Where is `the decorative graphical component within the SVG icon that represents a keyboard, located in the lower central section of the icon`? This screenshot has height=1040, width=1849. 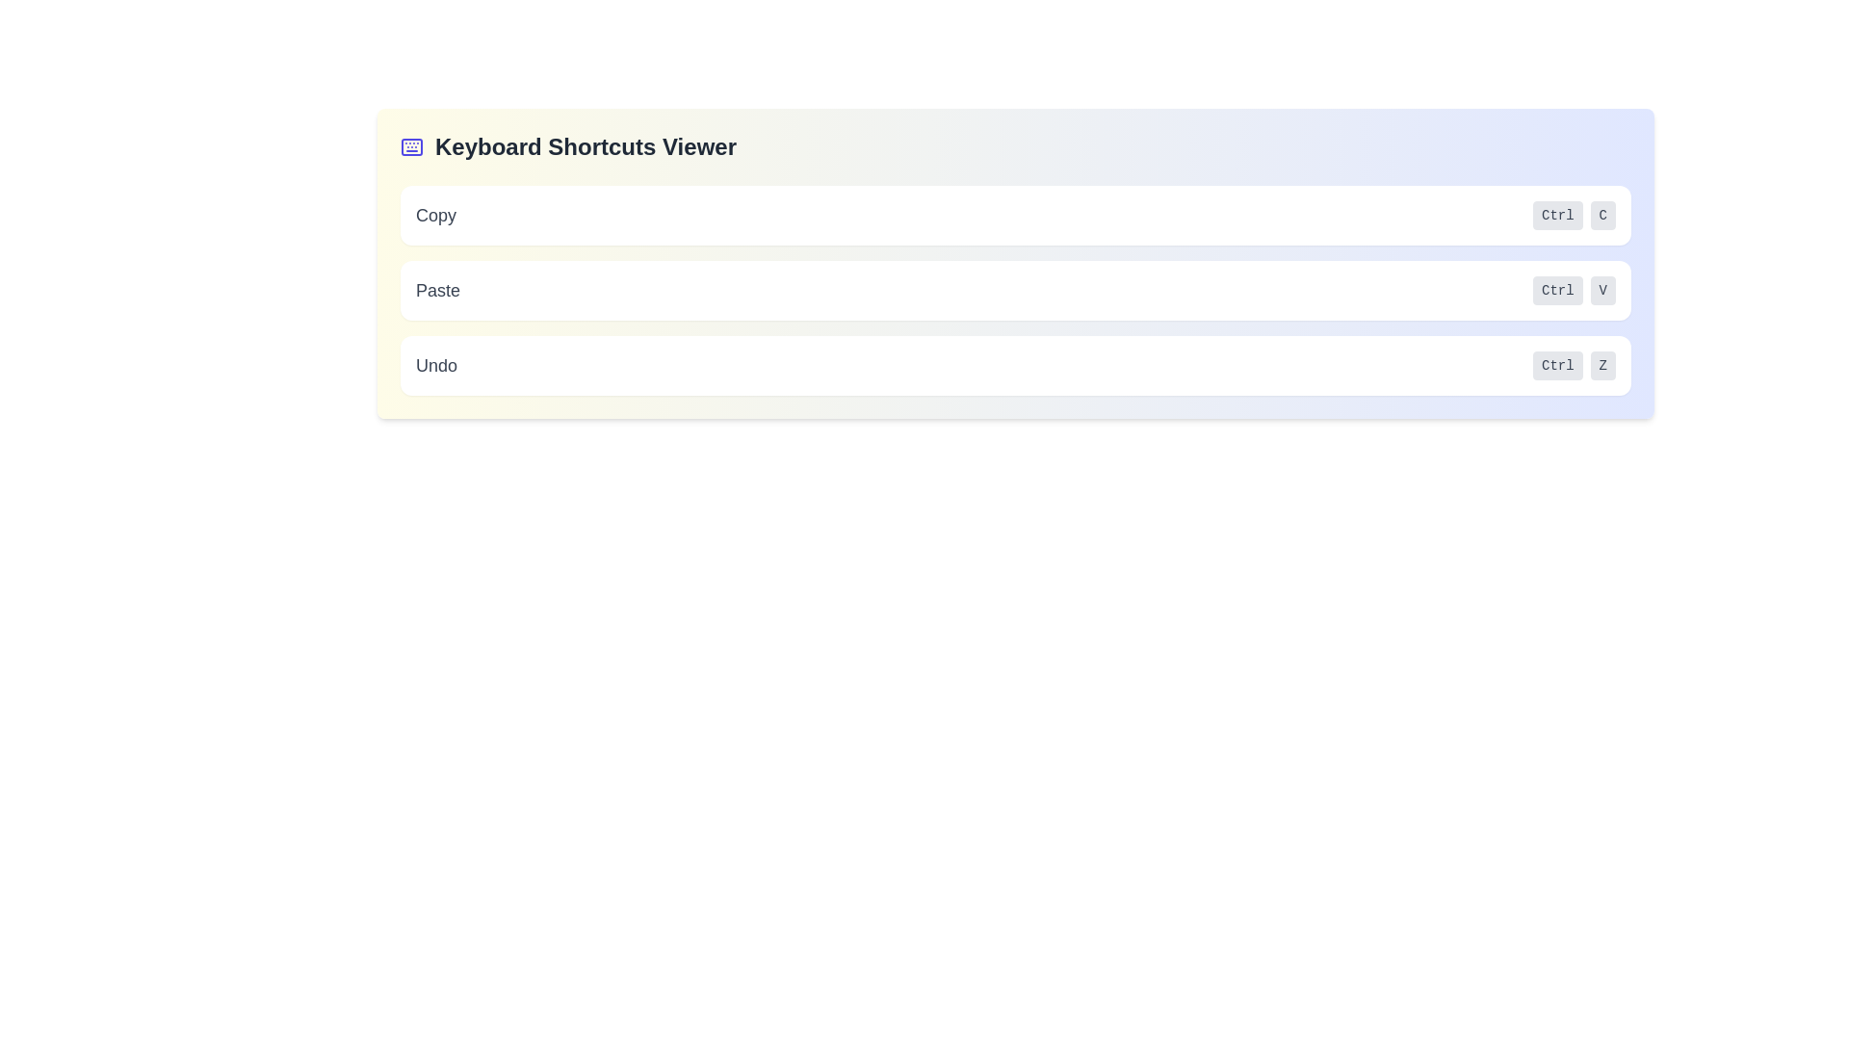 the decorative graphical component within the SVG icon that represents a keyboard, located in the lower central section of the icon is located at coordinates (410, 146).